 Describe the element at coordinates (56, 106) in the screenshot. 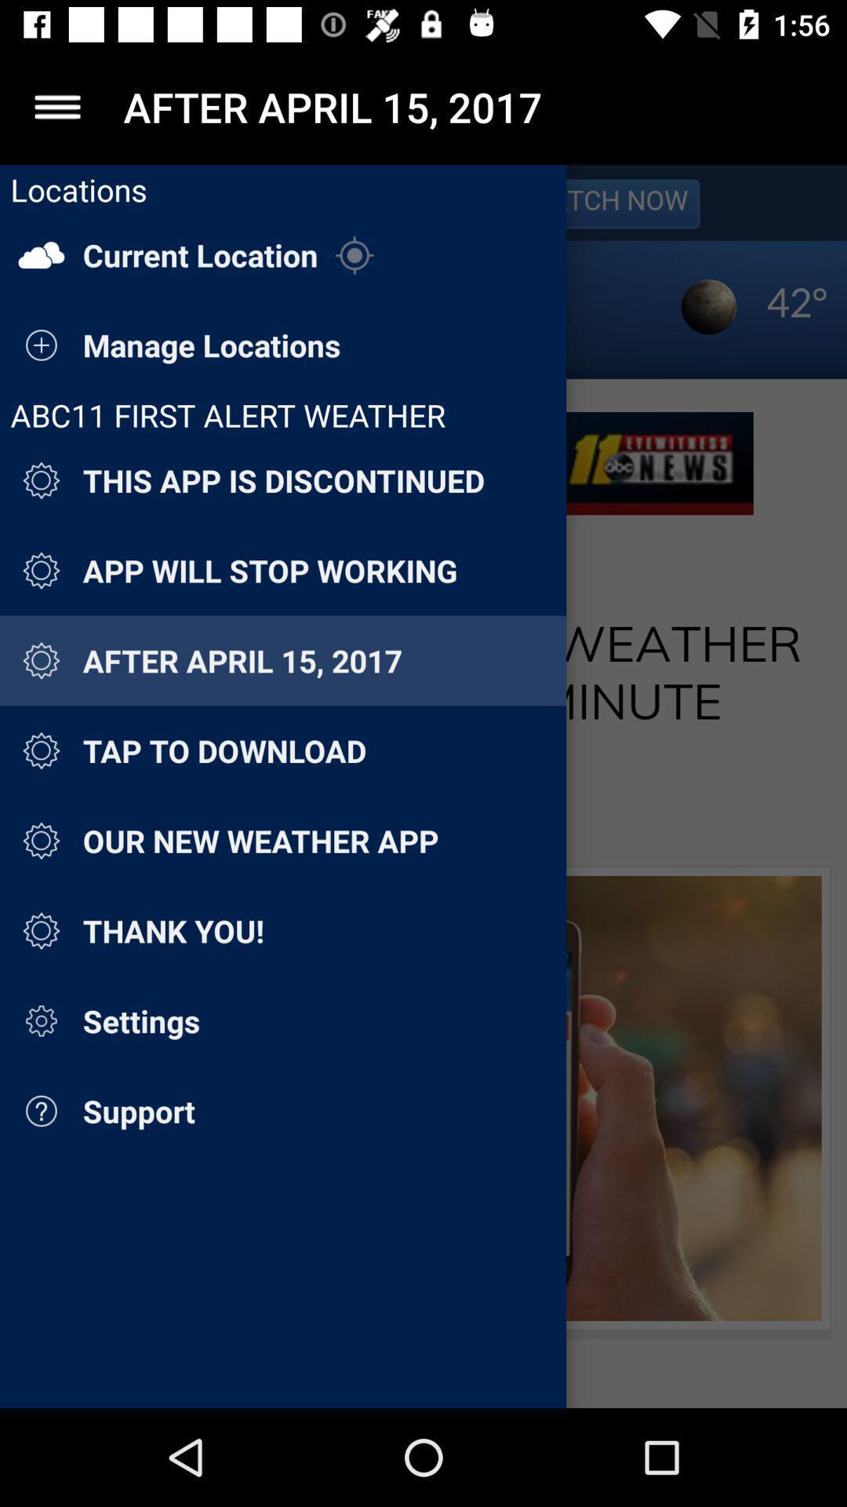

I see `app to the left of after april 15 item` at that location.